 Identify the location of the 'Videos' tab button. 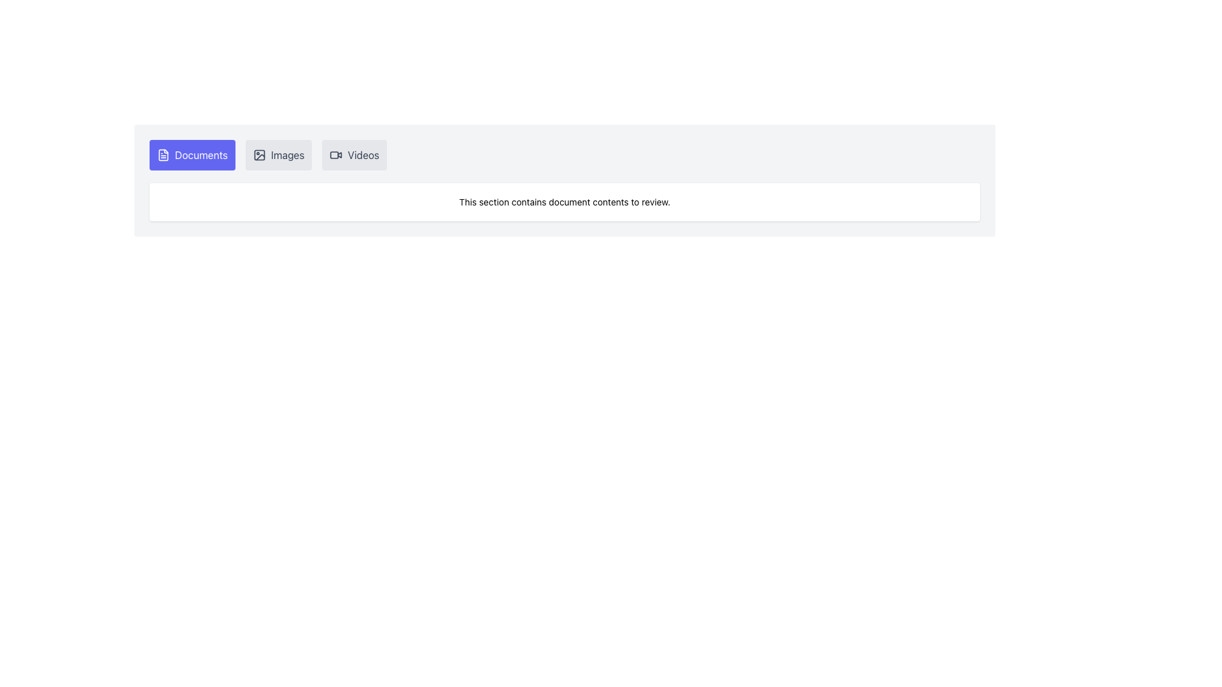
(355, 154).